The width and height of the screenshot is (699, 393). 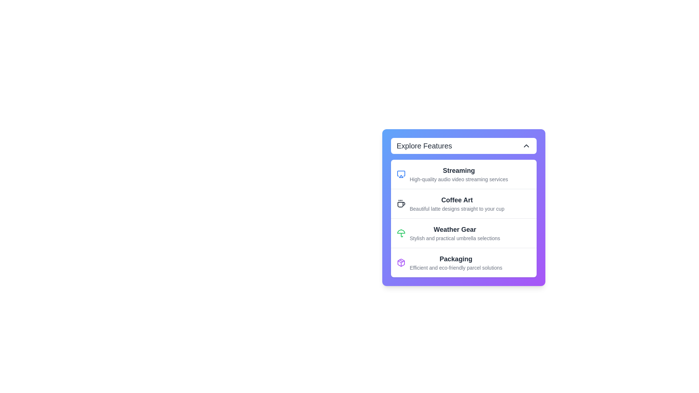 What do you see at coordinates (454, 233) in the screenshot?
I see `the text block representing the third menu item under 'Explore Features'` at bounding box center [454, 233].